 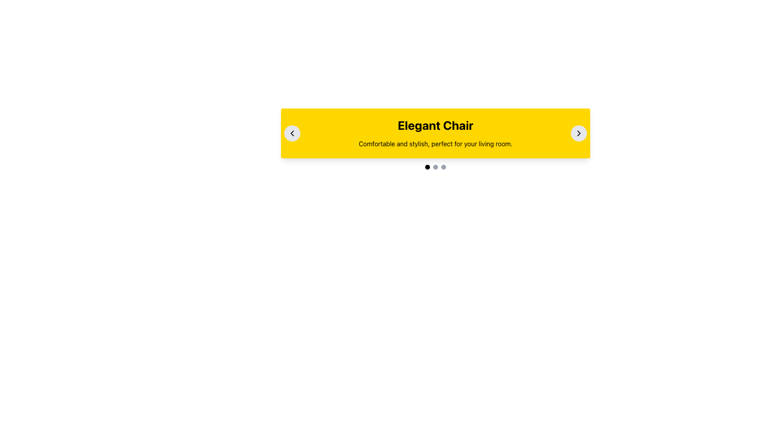 I want to click on the descriptive text element that details the features and suitability of the product, located below the 'Elegant Chair' text, so click(x=435, y=143).